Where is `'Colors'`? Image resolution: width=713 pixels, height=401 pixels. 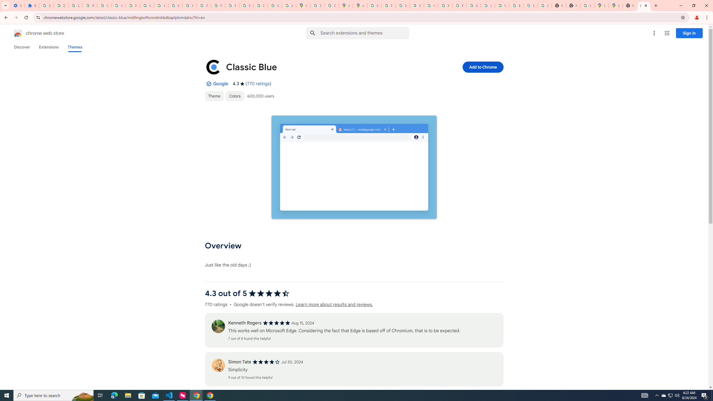
'Colors' is located at coordinates (235, 96).